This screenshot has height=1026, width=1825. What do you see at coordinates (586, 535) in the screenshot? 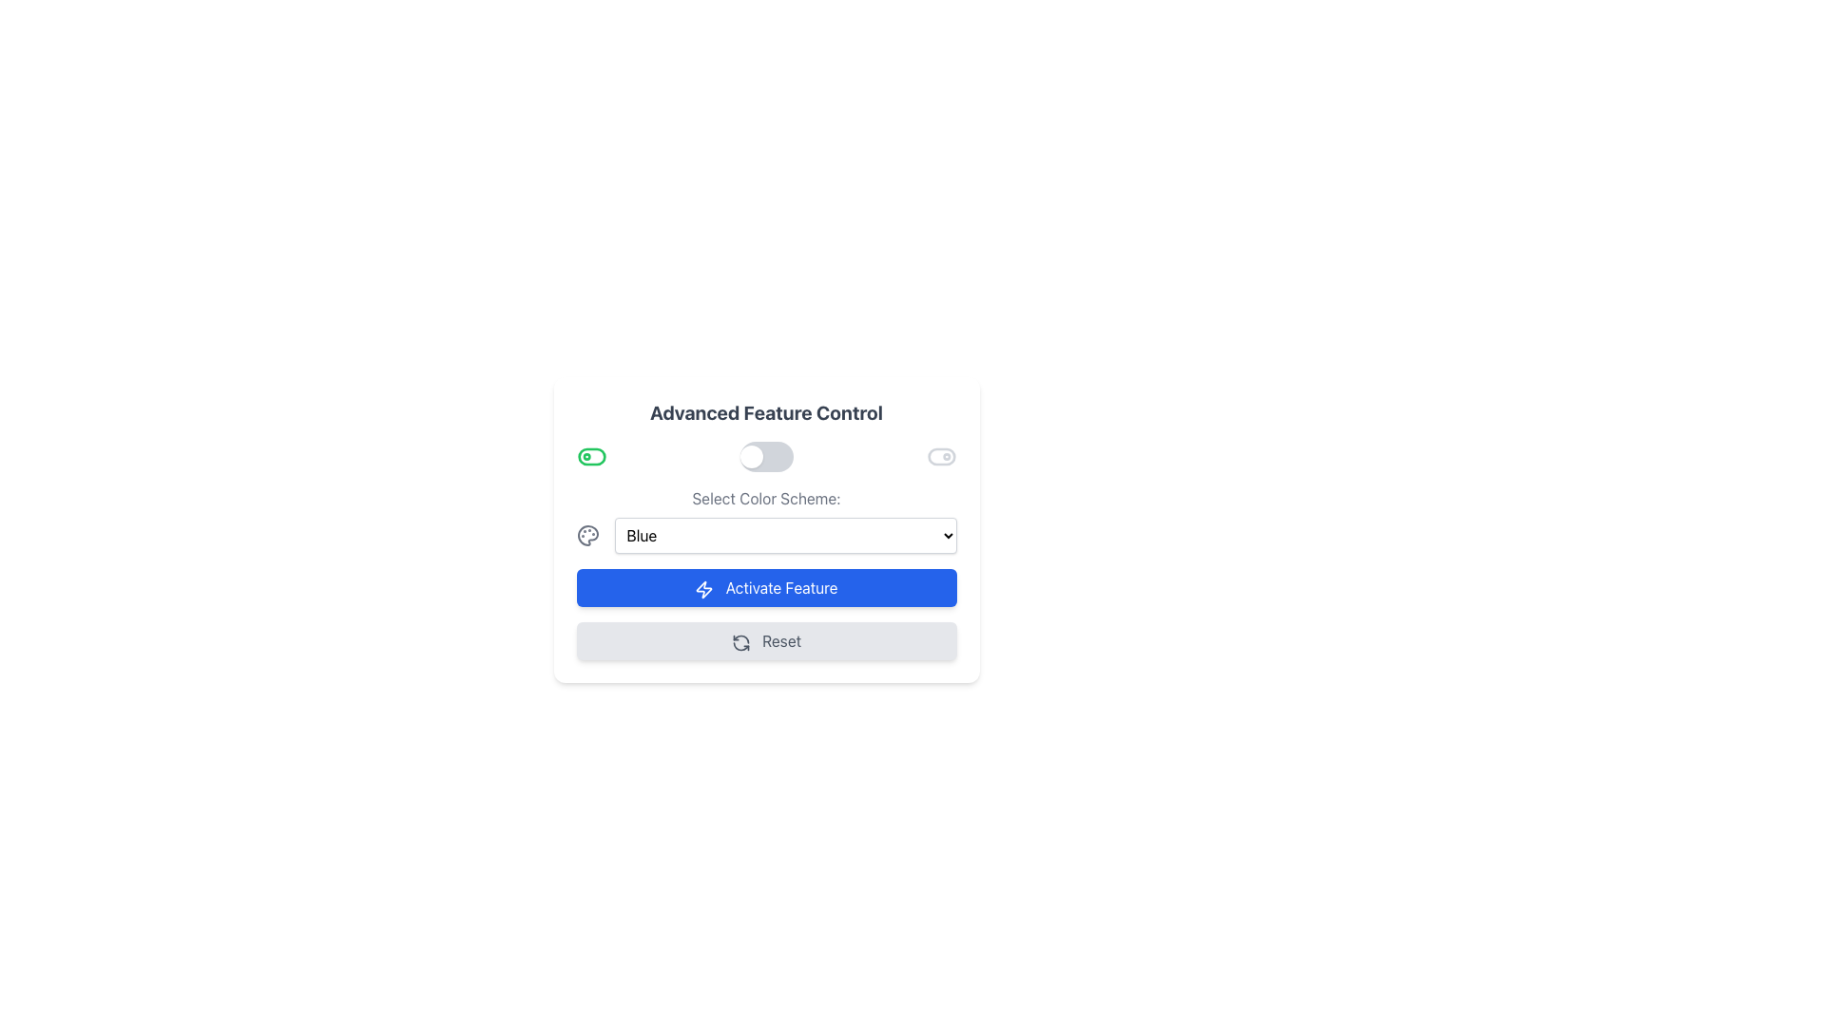
I see `the palette icon located to the left of the 'Select Color Scheme' section, adjacent to the dropdown menu displaying 'Blue'` at bounding box center [586, 535].